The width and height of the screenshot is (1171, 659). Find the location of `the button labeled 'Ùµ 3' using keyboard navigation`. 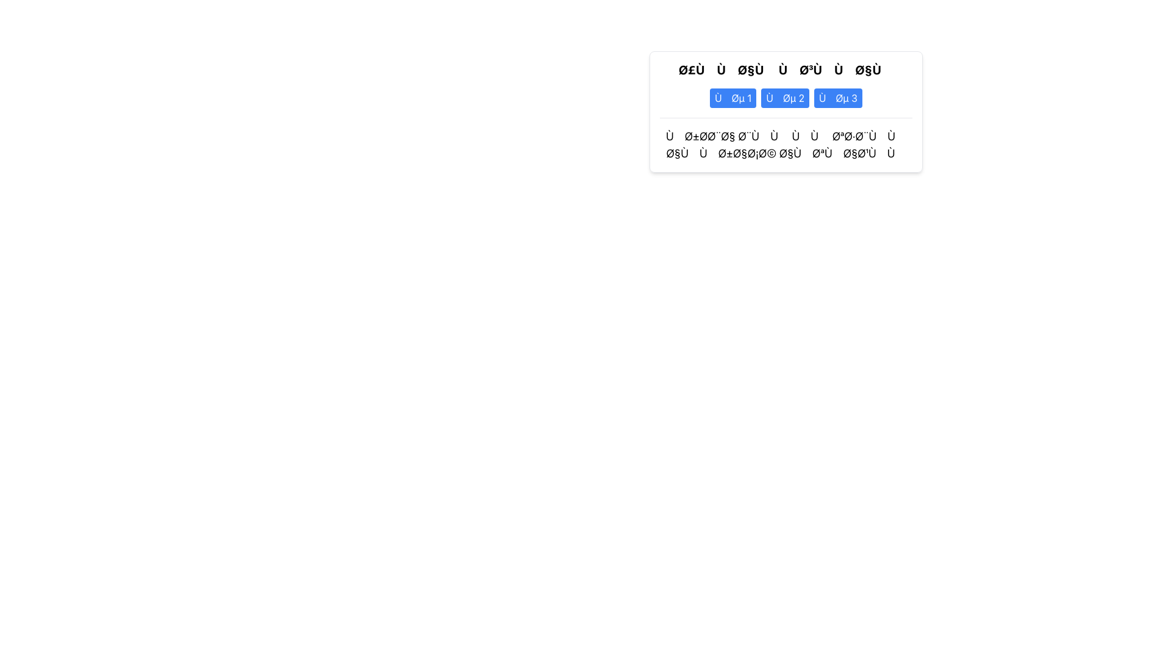

the button labeled 'Ùµ 3' using keyboard navigation is located at coordinates (837, 98).